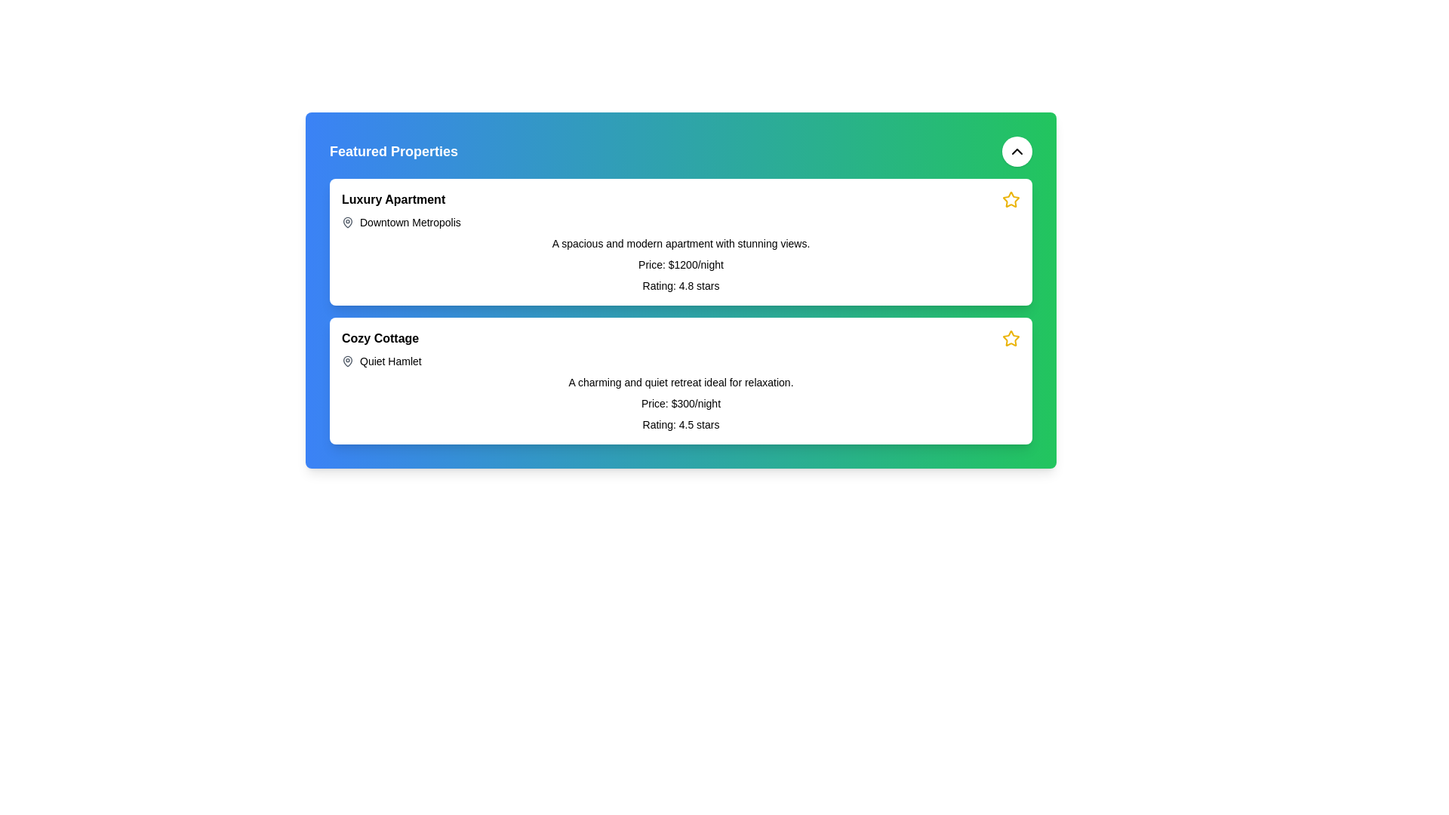 This screenshot has height=815, width=1449. Describe the element at coordinates (346, 221) in the screenshot. I see `the SVG representation of the map or location pin associated with 'Downtown Metropolis' to identify its visual anchor` at that location.